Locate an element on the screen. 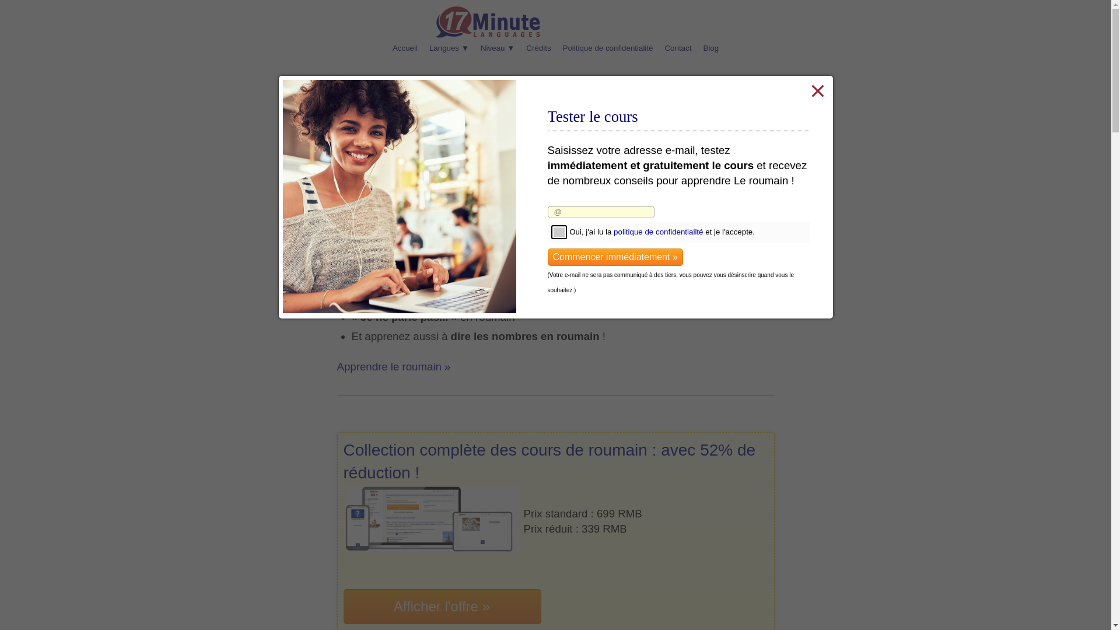  'Contact' is located at coordinates (677, 48).